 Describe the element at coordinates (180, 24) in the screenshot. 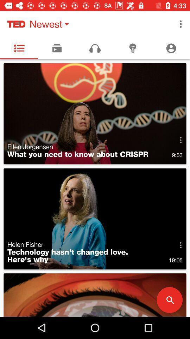

I see `icon next to the newest icon` at that location.